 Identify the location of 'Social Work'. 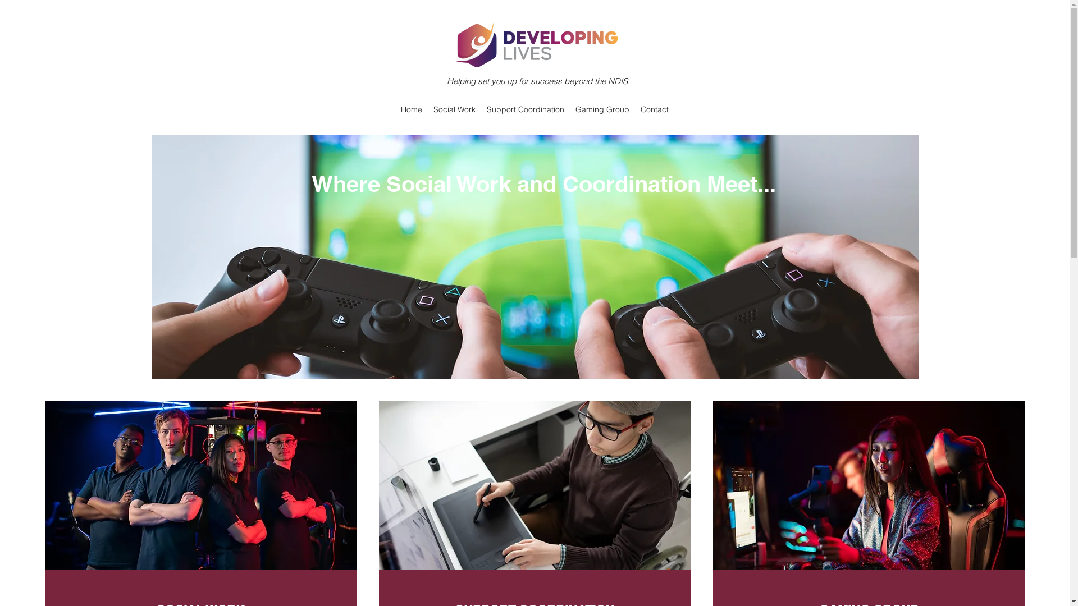
(454, 109).